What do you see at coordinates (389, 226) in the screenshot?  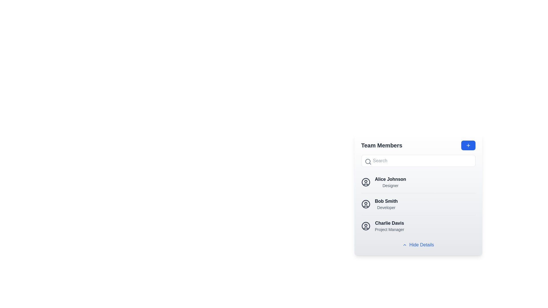 I see `the textual label identifying team member 'Charlie Davis' as 'Project Manager' in the team overview interface` at bounding box center [389, 226].